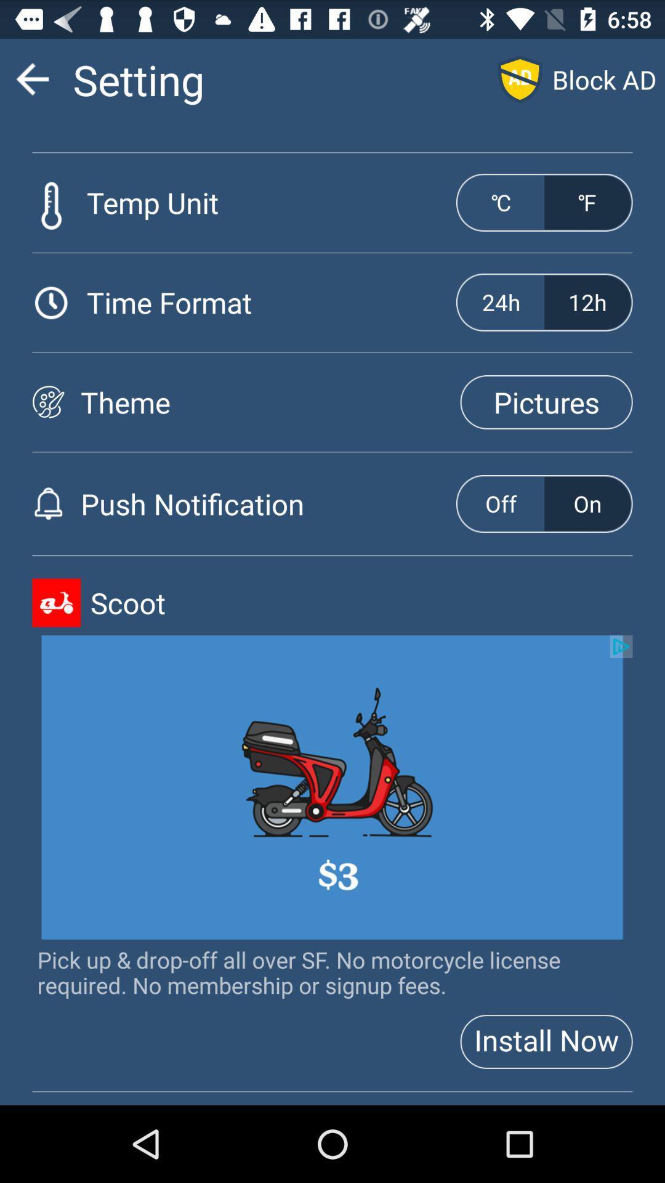  Describe the element at coordinates (32, 78) in the screenshot. I see `the back arrow button at the top left of the page` at that location.